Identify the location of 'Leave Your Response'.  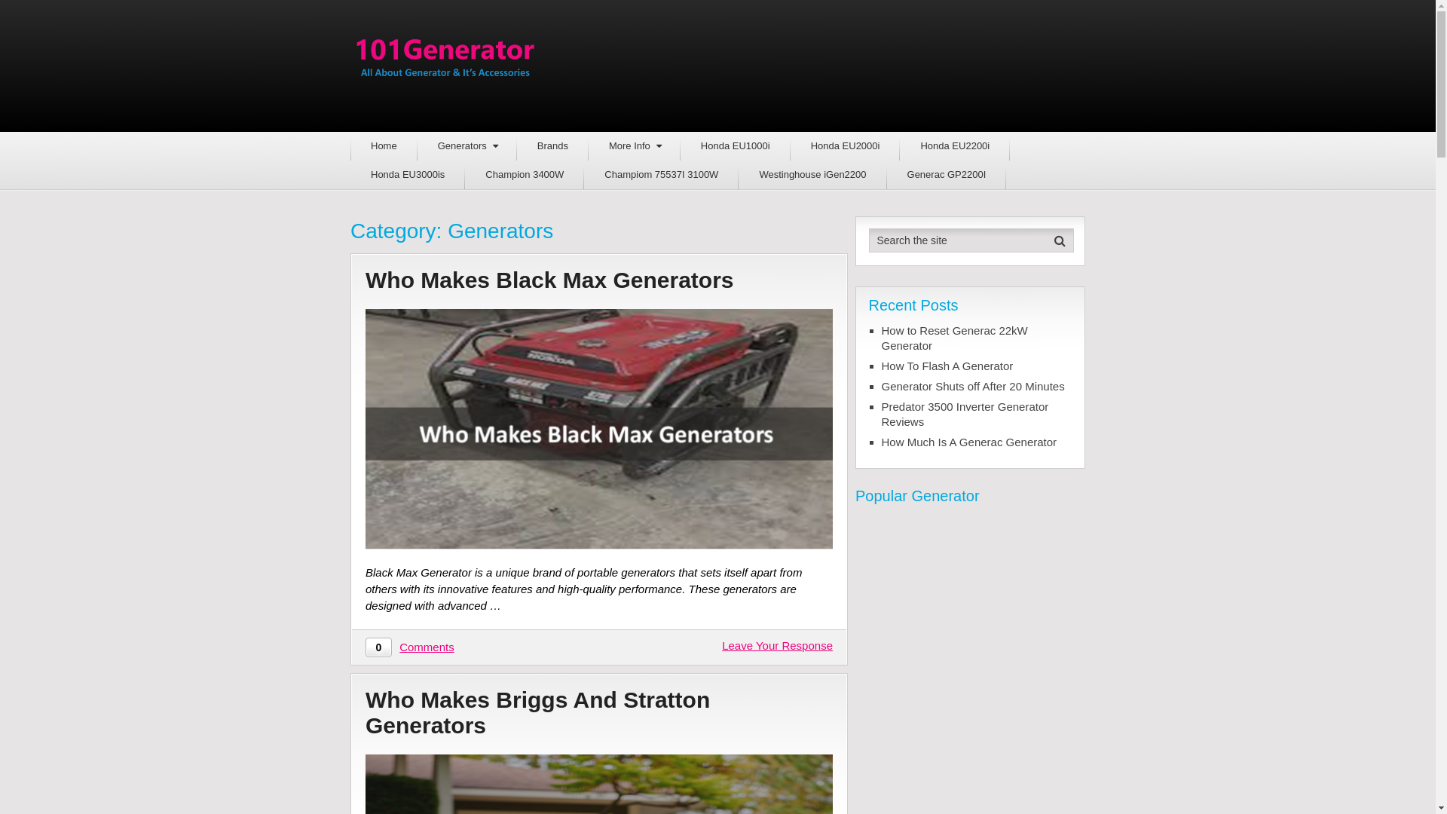
(777, 644).